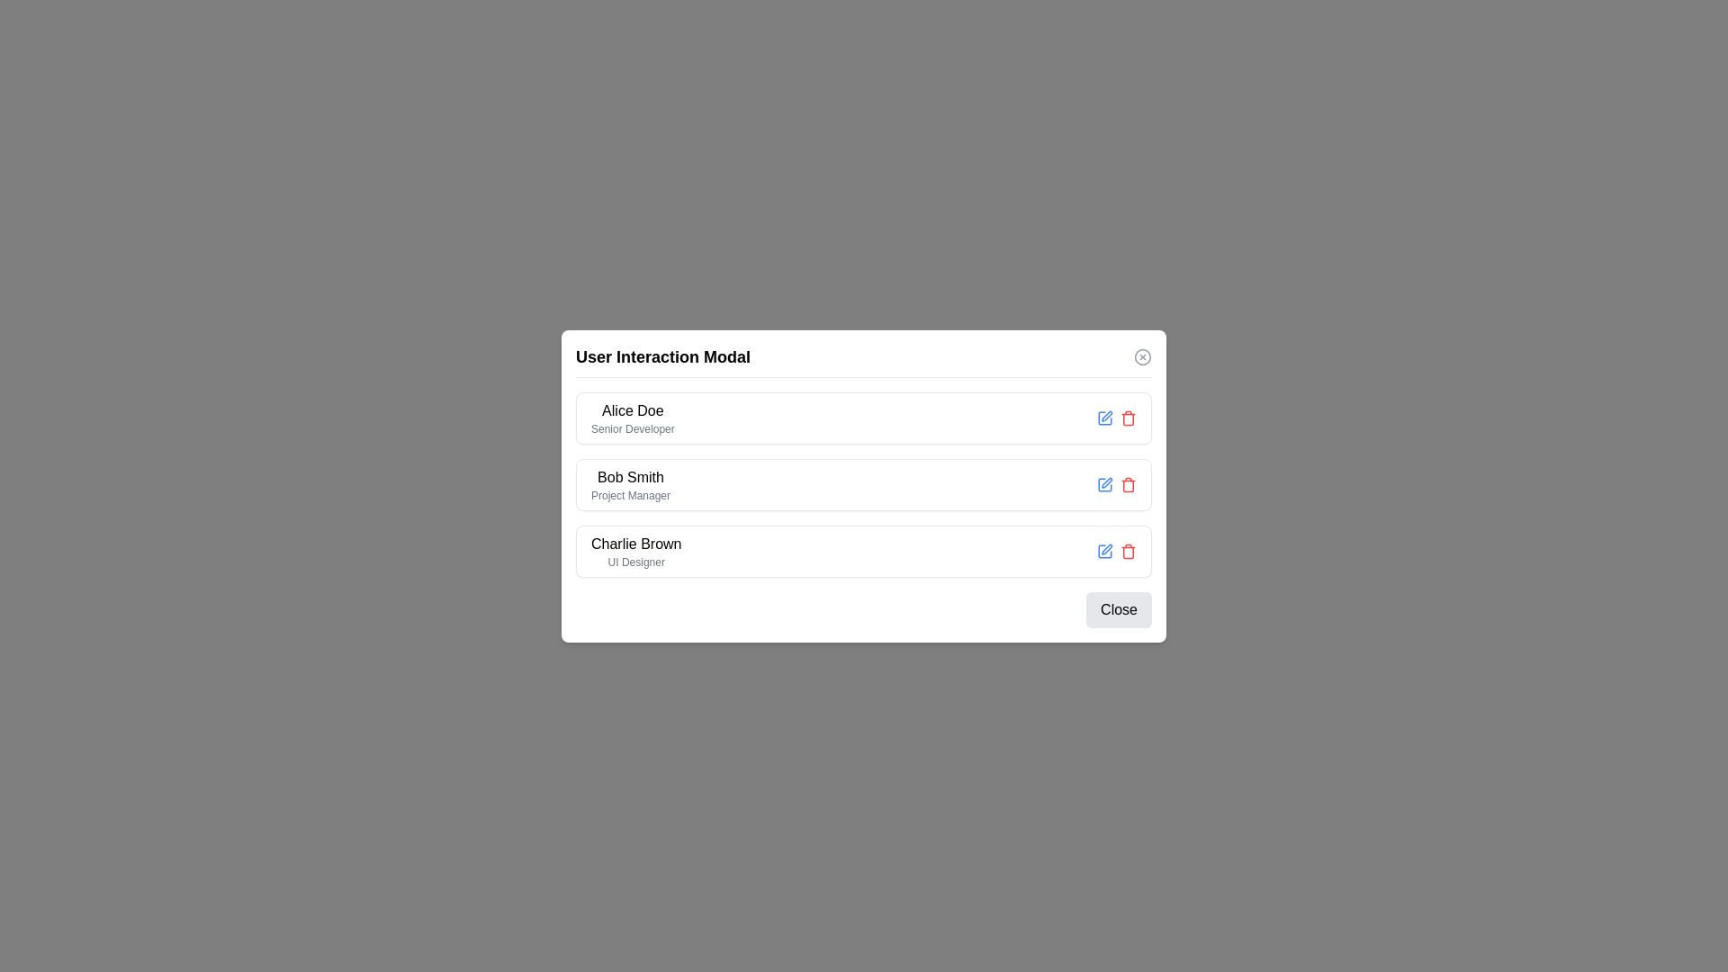  What do you see at coordinates (1104, 417) in the screenshot?
I see `the edit button icon (blue square with pencil) associated with the user 'Alice Doe'` at bounding box center [1104, 417].